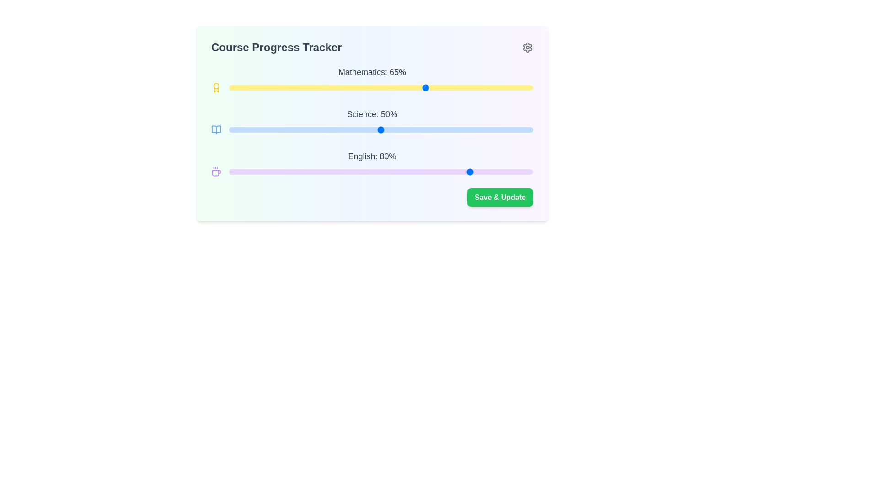 The width and height of the screenshot is (878, 494). Describe the element at coordinates (216, 86) in the screenshot. I see `the SVG circle element that signifies an award or achievement within the badge icon, located near the top-left corner of the progress tracker interface adjacent to the Mathematics progress bar` at that location.